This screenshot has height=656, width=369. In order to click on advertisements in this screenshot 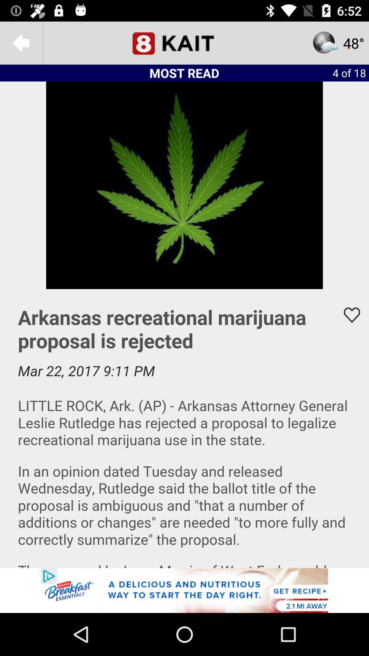, I will do `click(184, 590)`.